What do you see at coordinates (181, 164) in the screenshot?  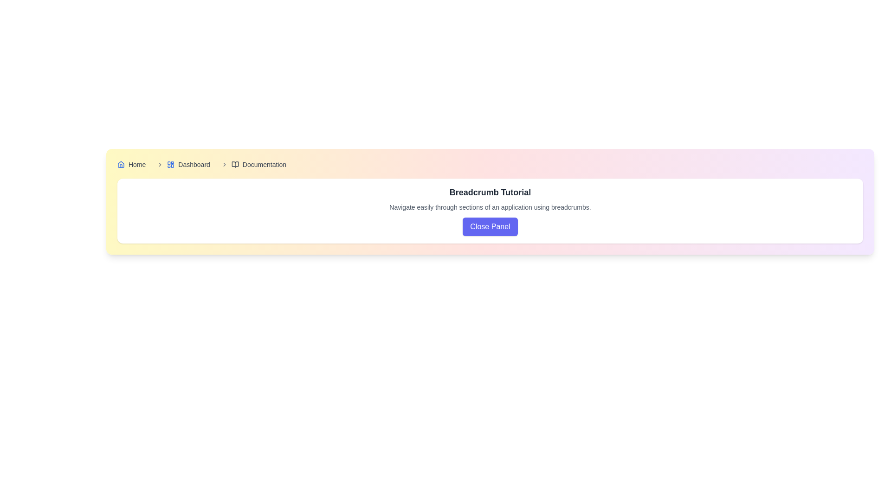 I see `the 'Dashboard' hyperlink in the breadcrumb navigation to observe the underline effect` at bounding box center [181, 164].